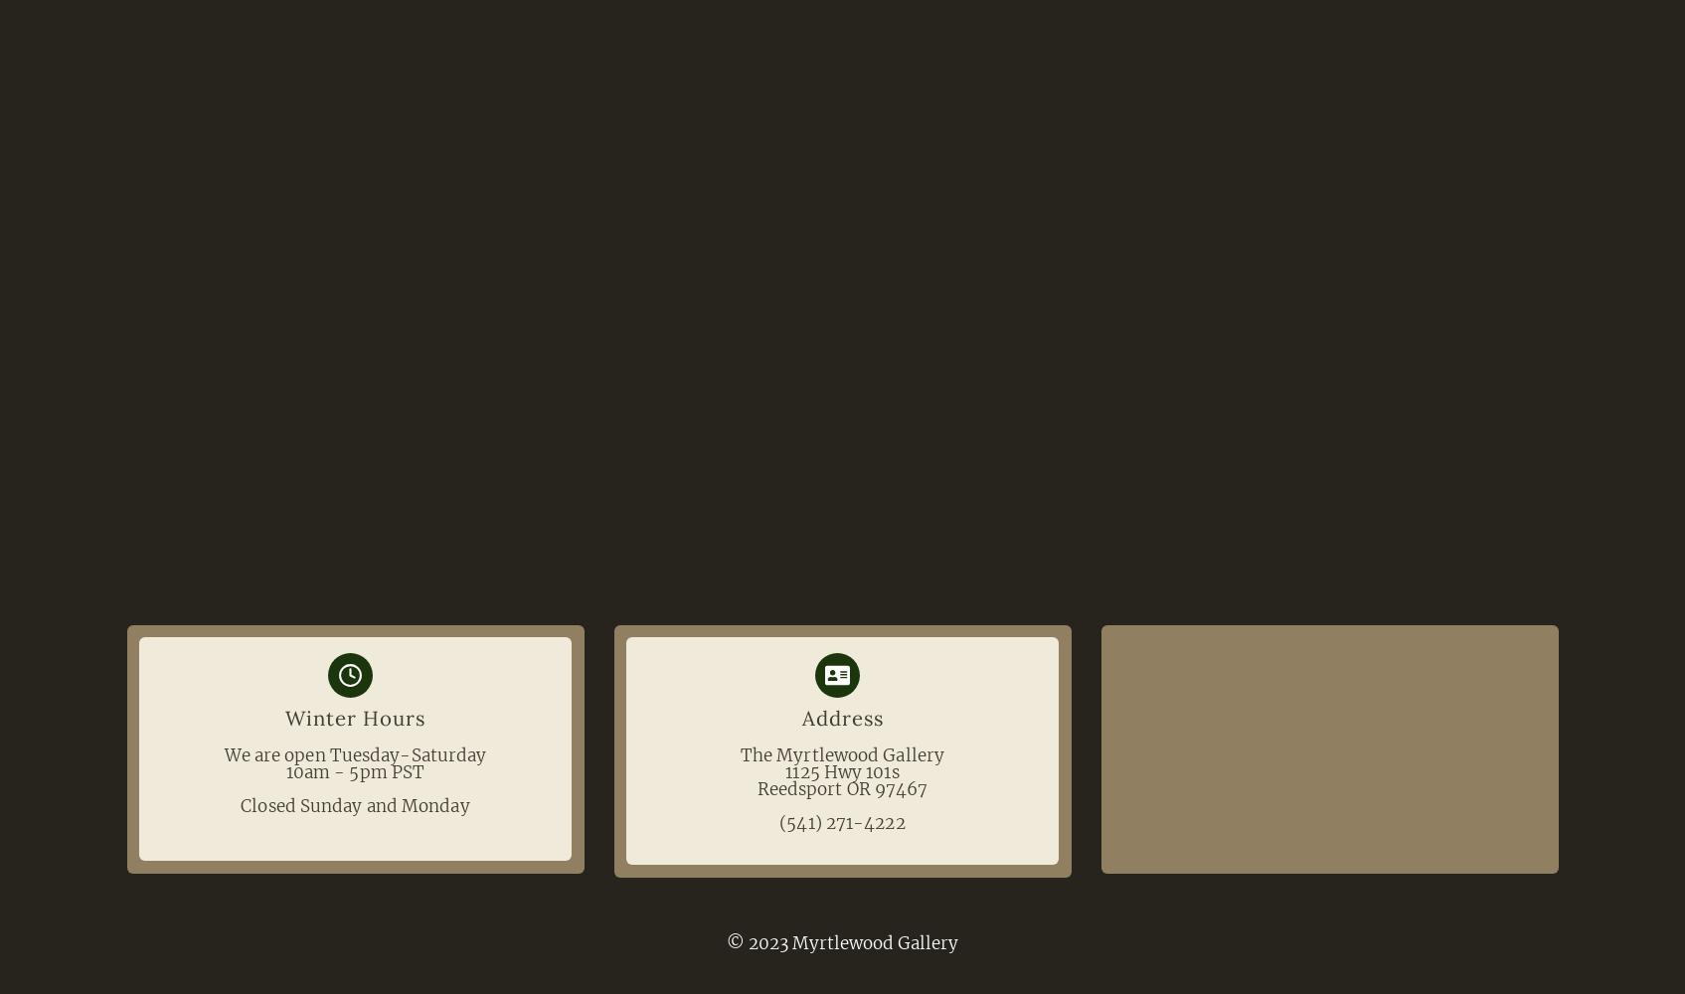 The image size is (1685, 994). Describe the element at coordinates (222, 755) in the screenshot. I see `'We are open Tuesday-Saturday'` at that location.